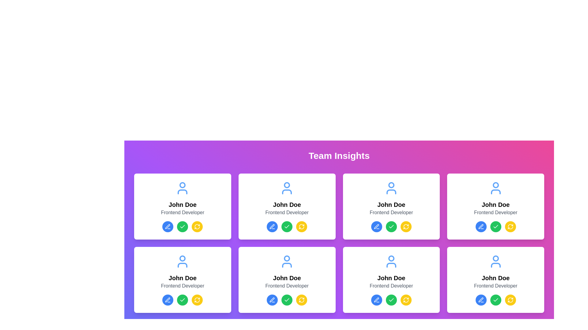 The height and width of the screenshot is (330, 588). I want to click on the user profile SVG icon located in the top-right card of the grid layout, which represents the user 'John Doe', a Frontend Developer, so click(496, 188).